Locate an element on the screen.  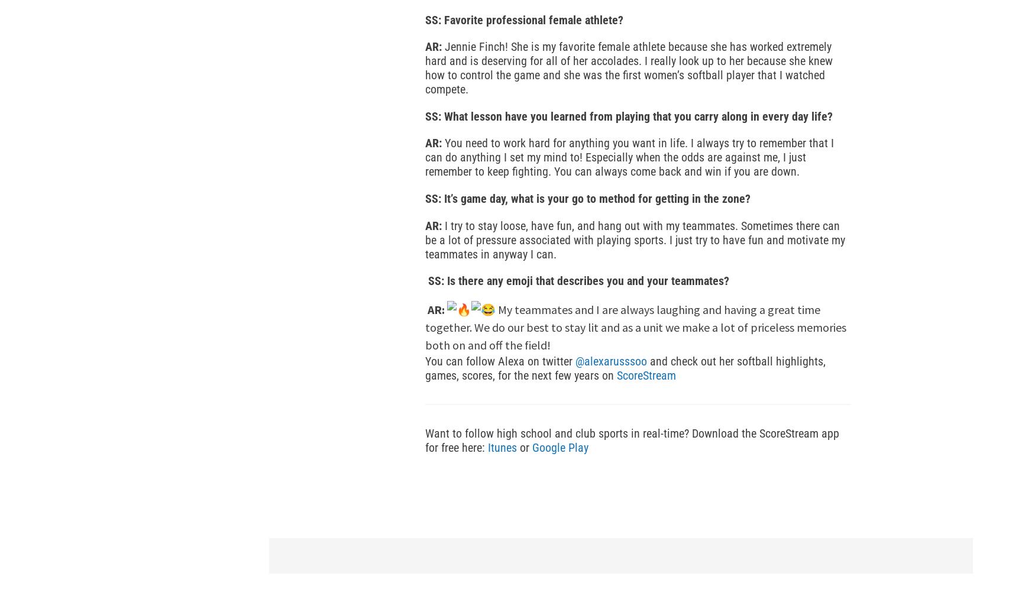
'Itunes' is located at coordinates (502, 446).